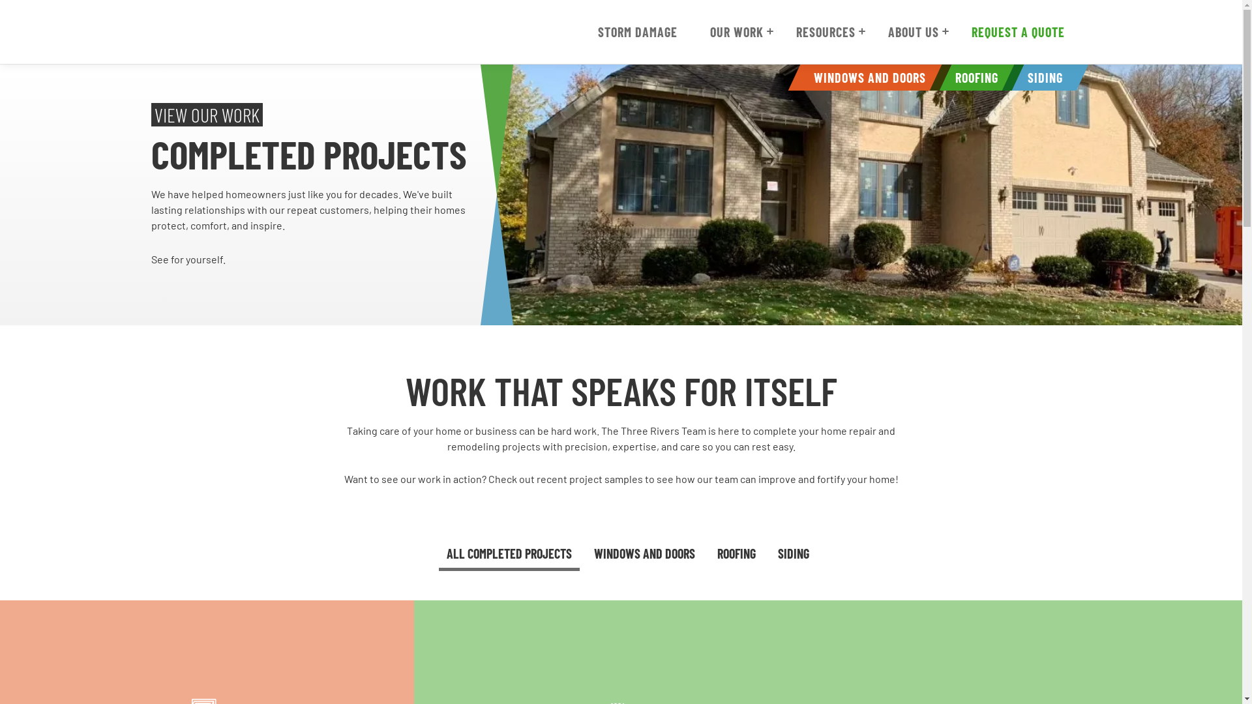 This screenshot has width=1252, height=704. What do you see at coordinates (824, 31) in the screenshot?
I see `'RESOURCES'` at bounding box center [824, 31].